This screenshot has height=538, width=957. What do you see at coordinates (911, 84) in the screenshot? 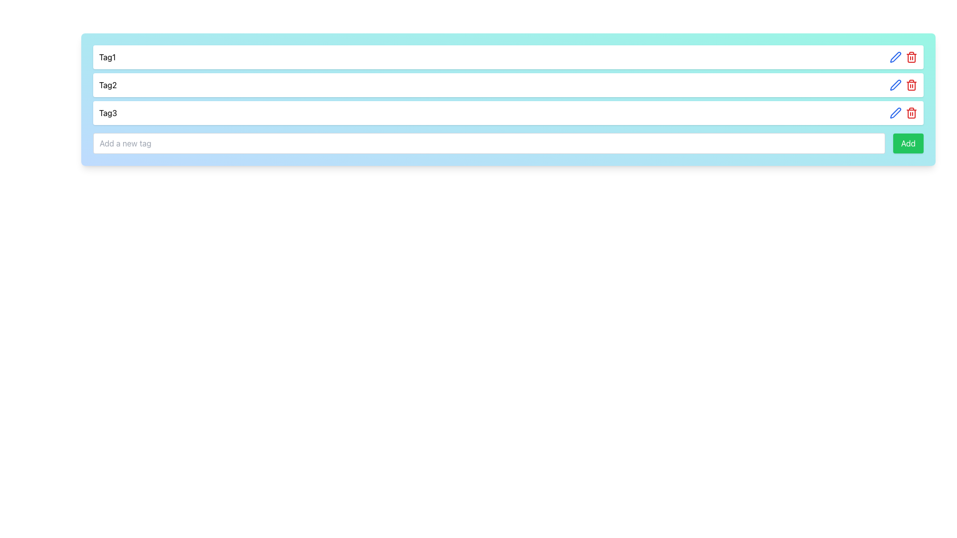
I see `the red trash icon button located to the right of 'Tag3'` at bounding box center [911, 84].